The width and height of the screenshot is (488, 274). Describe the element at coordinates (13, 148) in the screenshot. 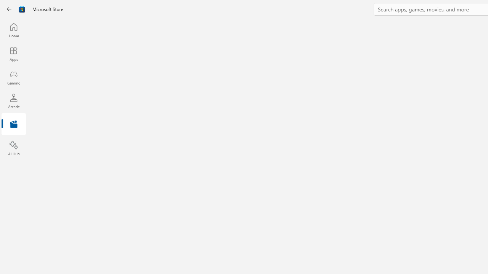

I see `'AI Hub'` at that location.